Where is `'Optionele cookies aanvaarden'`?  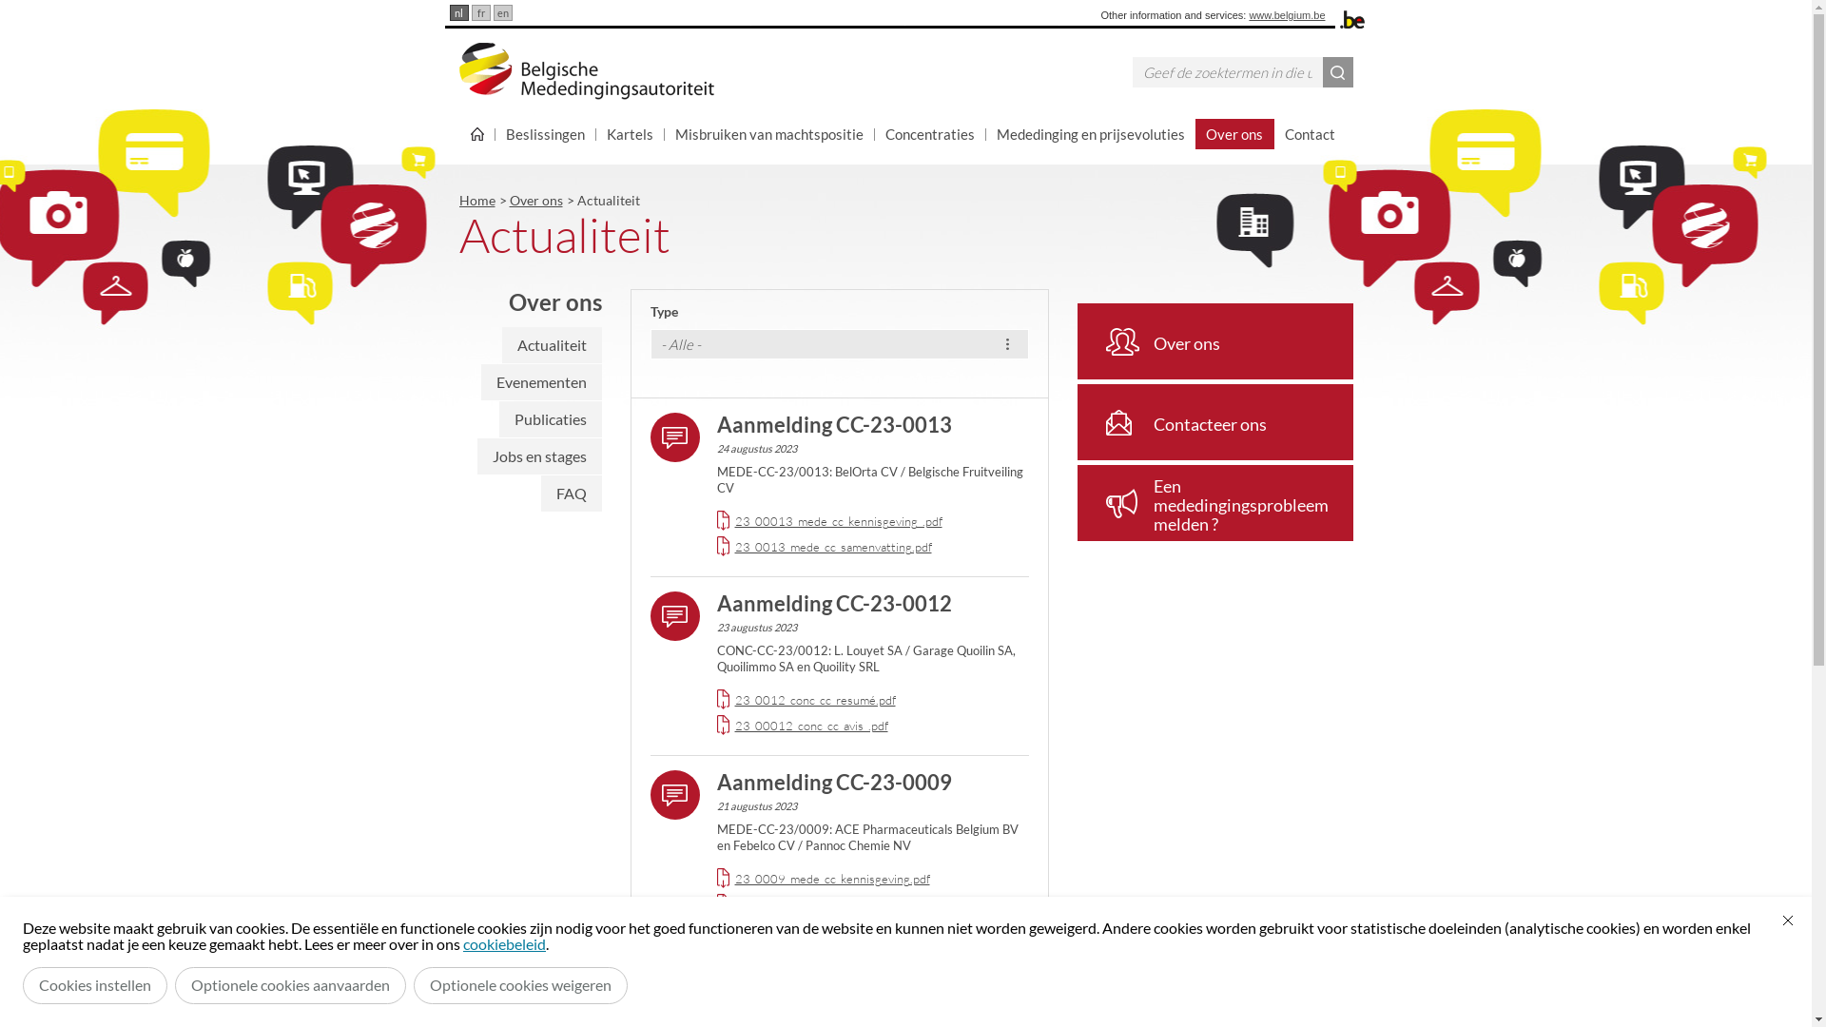
'Optionele cookies aanvaarden' is located at coordinates (289, 984).